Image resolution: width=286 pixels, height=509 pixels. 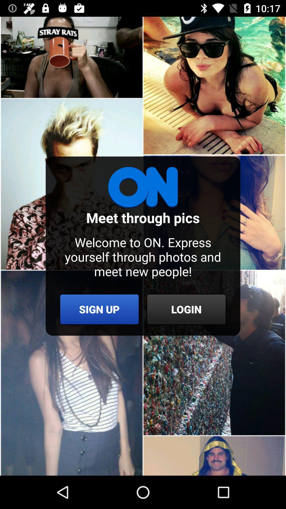 I want to click on the login icon, so click(x=186, y=309).